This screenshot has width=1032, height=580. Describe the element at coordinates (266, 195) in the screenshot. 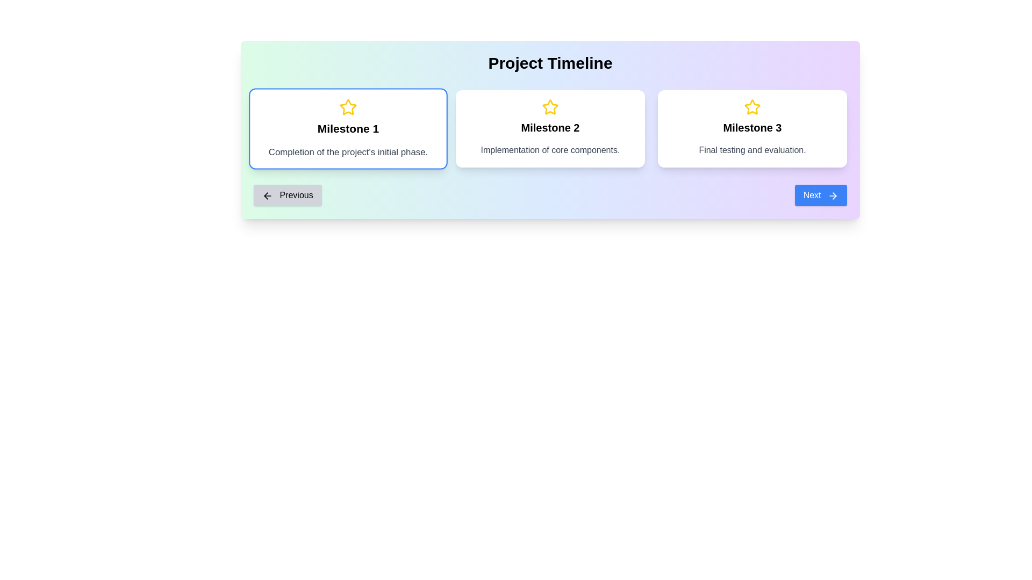

I see `the 'Previous' button by clicking on its associated icon located in the lower-left portion of the interface` at that location.